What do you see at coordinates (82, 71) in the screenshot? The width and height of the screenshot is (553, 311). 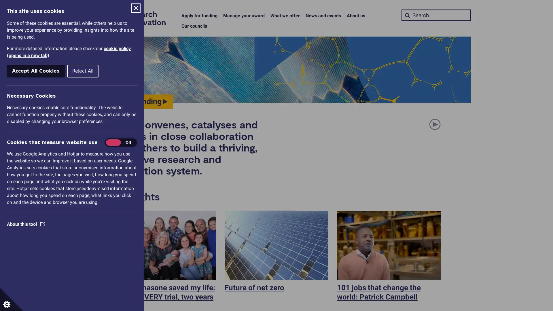 I see `Reject All` at bounding box center [82, 71].